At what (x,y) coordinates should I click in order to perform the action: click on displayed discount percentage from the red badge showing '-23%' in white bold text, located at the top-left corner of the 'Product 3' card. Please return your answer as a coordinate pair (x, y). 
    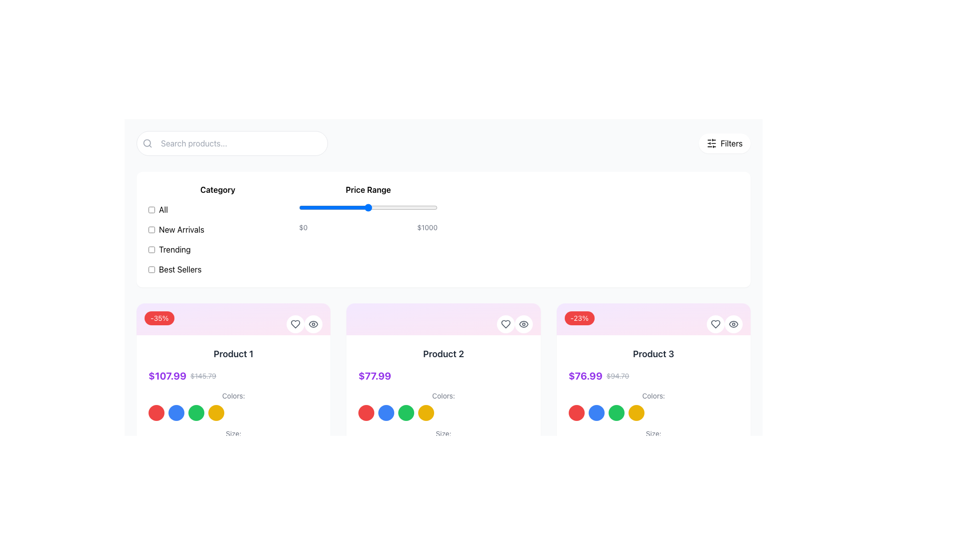
    Looking at the image, I should click on (579, 318).